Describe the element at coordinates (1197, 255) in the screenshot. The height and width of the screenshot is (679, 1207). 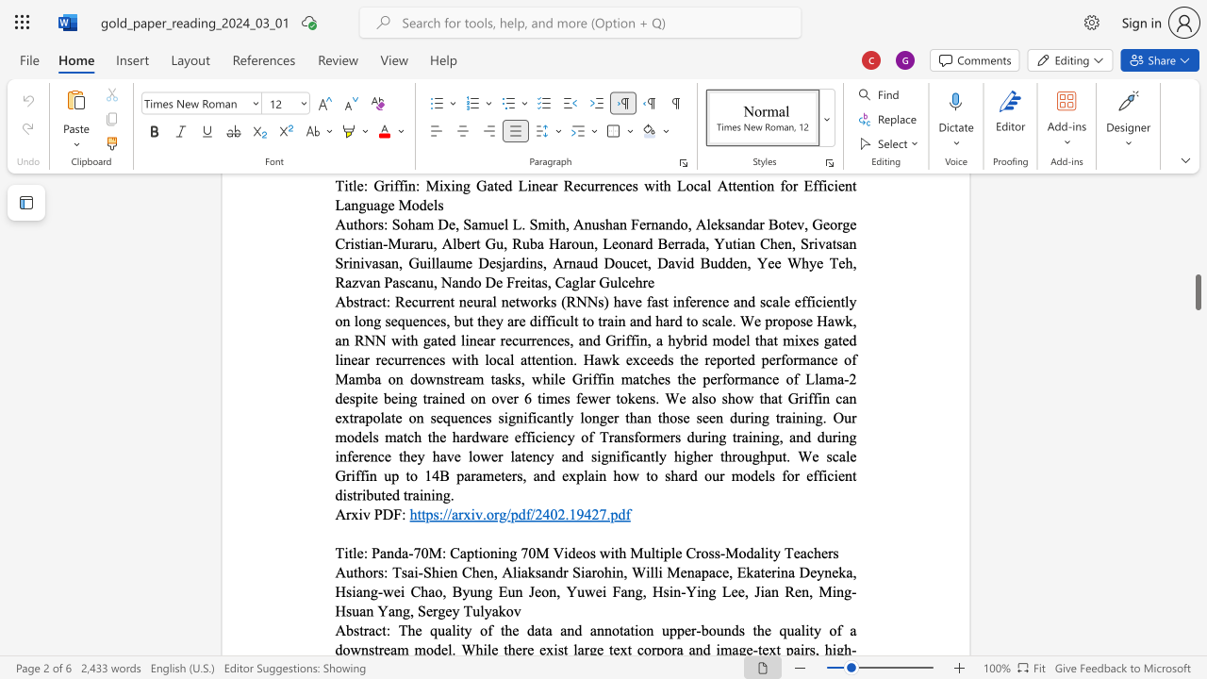
I see `the scrollbar on the right to move the page upward` at that location.